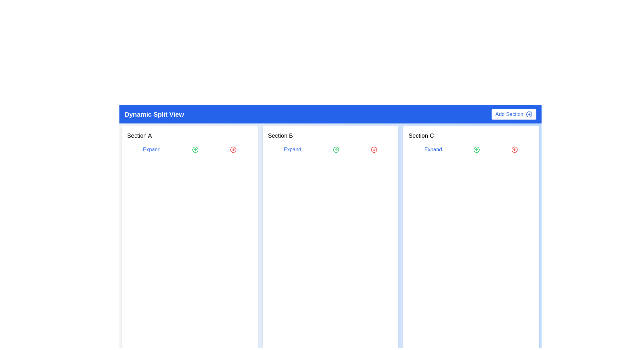  Describe the element at coordinates (292, 150) in the screenshot. I see `the blue-colored text link labeled 'Expand' located in 'Section B' of the 'Dynamic Split View', positioned to the left of the circular arrow icons` at that location.